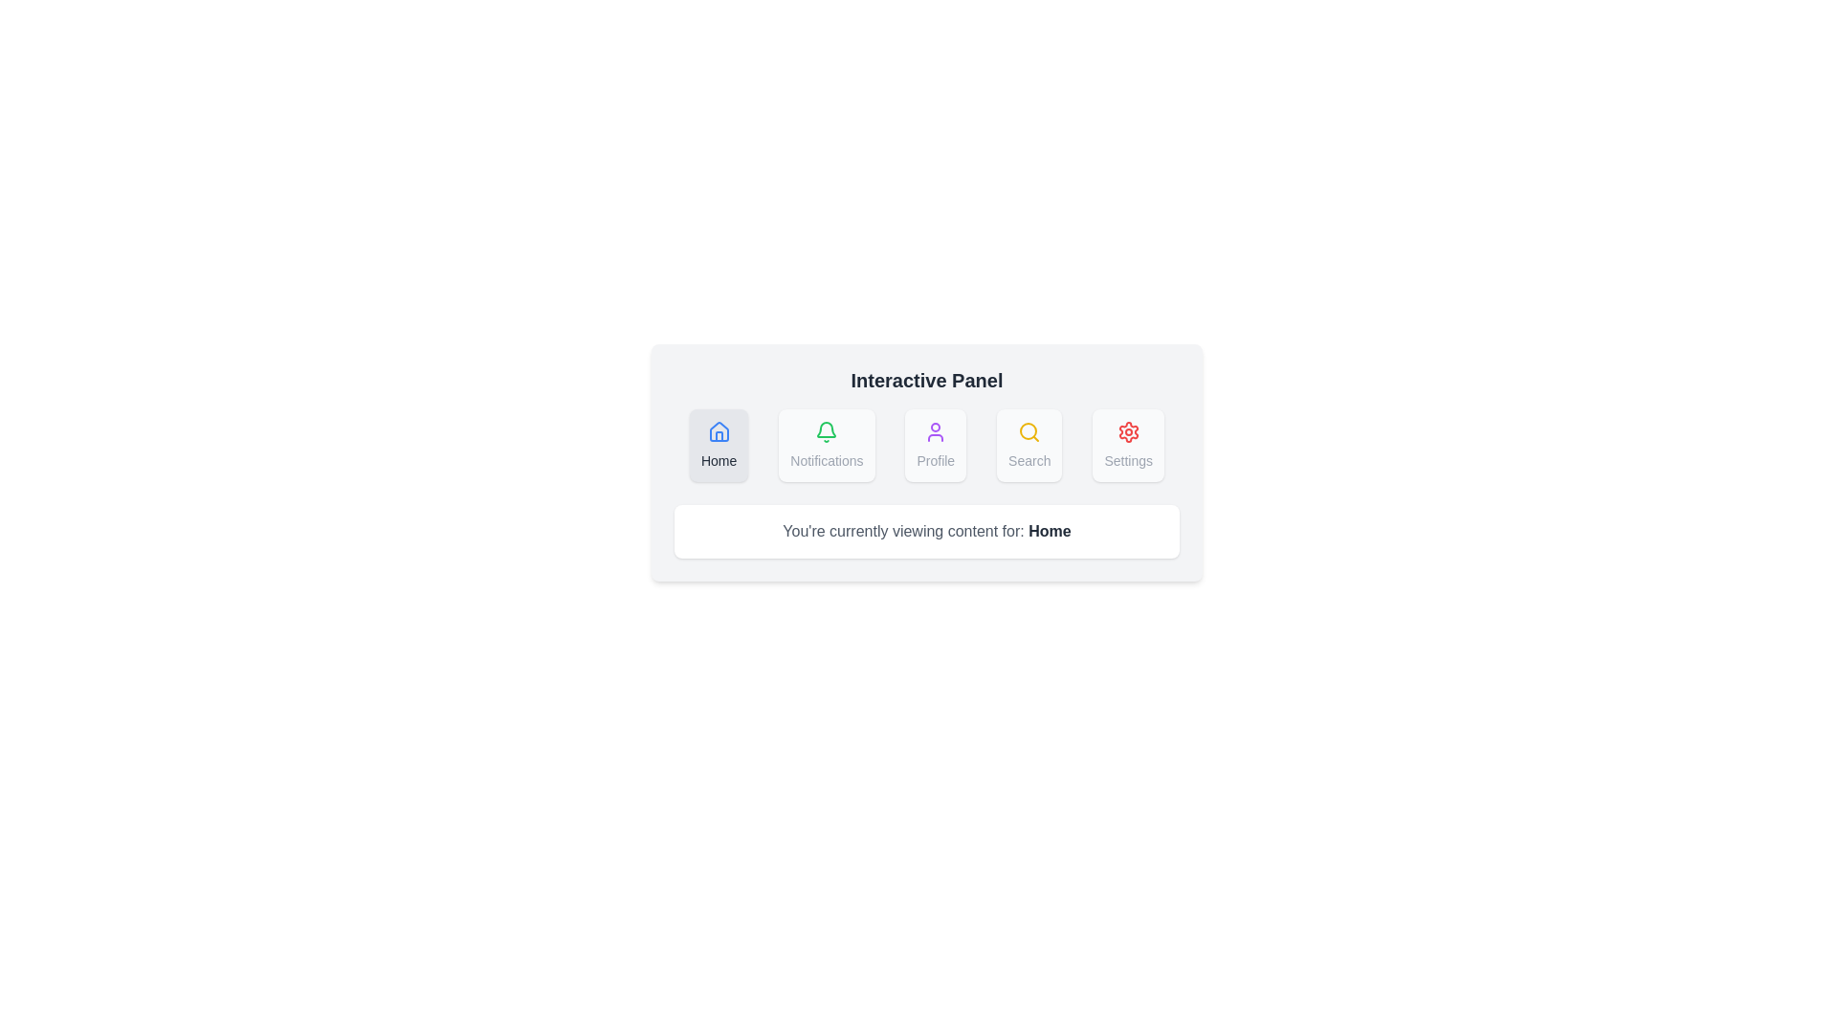 The height and width of the screenshot is (1033, 1837). I want to click on 'Notifications' text label located within the interactive panel, which is the second element from the left and is styled in a small font with medium weight, so click(827, 461).